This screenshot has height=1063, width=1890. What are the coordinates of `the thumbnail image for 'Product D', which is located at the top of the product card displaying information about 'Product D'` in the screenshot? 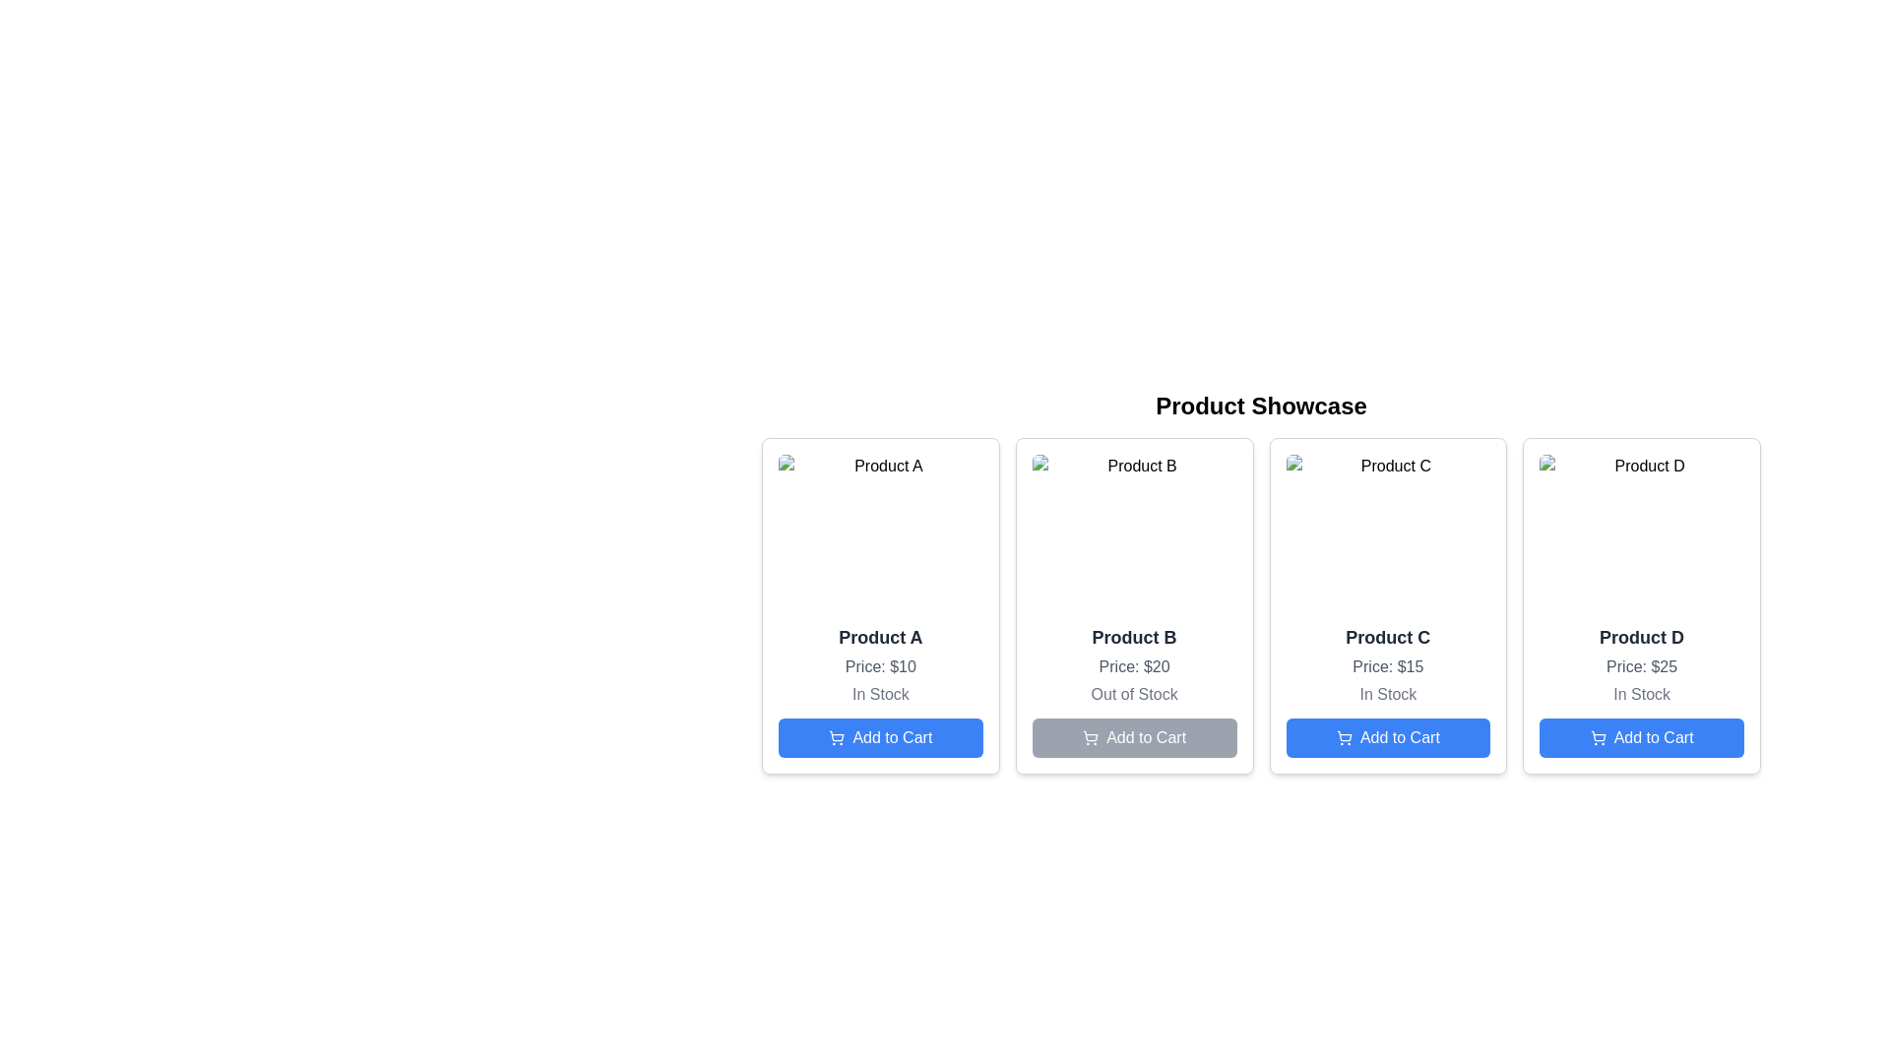 It's located at (1642, 533).